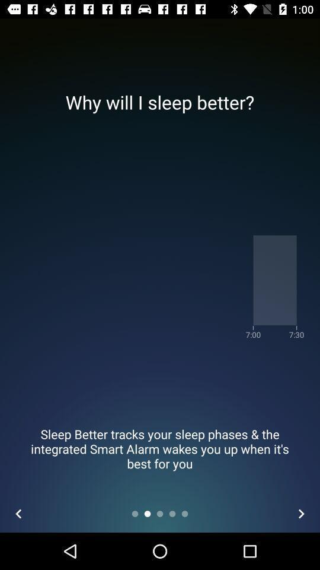 The width and height of the screenshot is (320, 570). I want to click on the arrow_forward icon, so click(301, 513).